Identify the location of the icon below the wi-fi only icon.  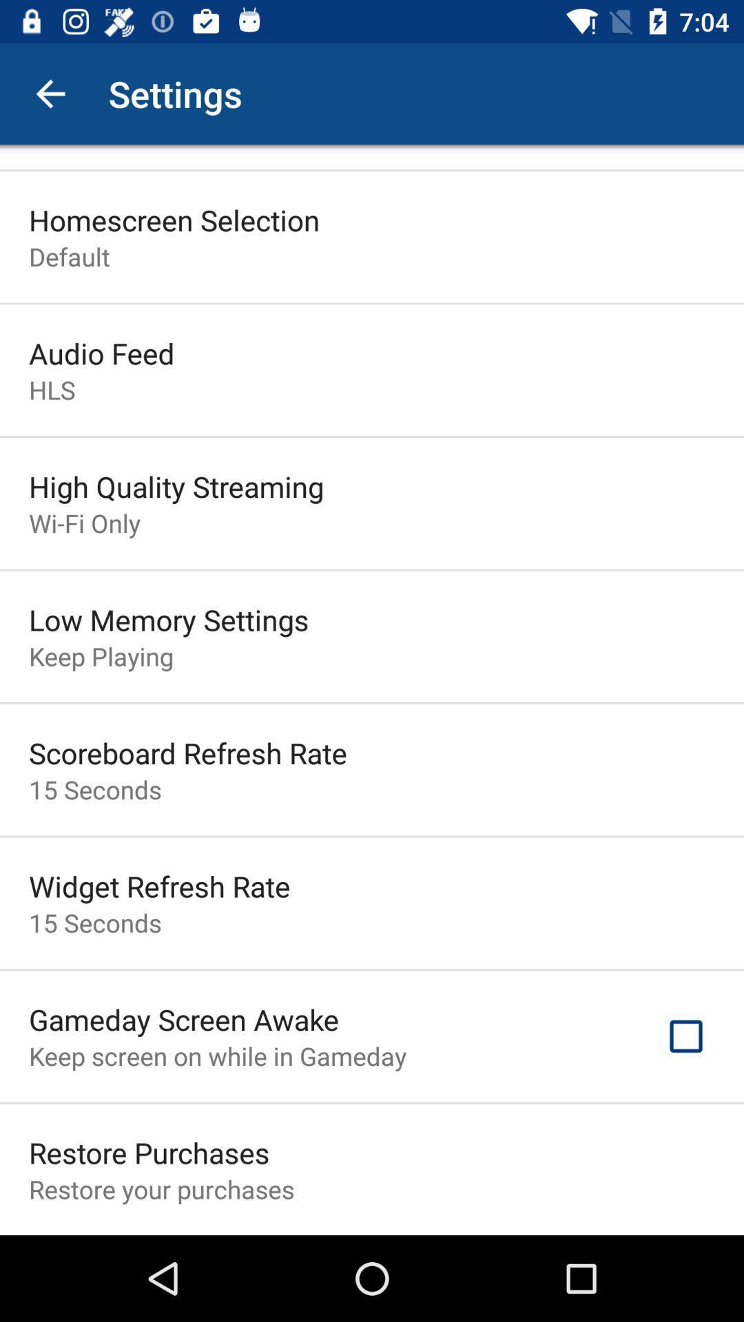
(168, 619).